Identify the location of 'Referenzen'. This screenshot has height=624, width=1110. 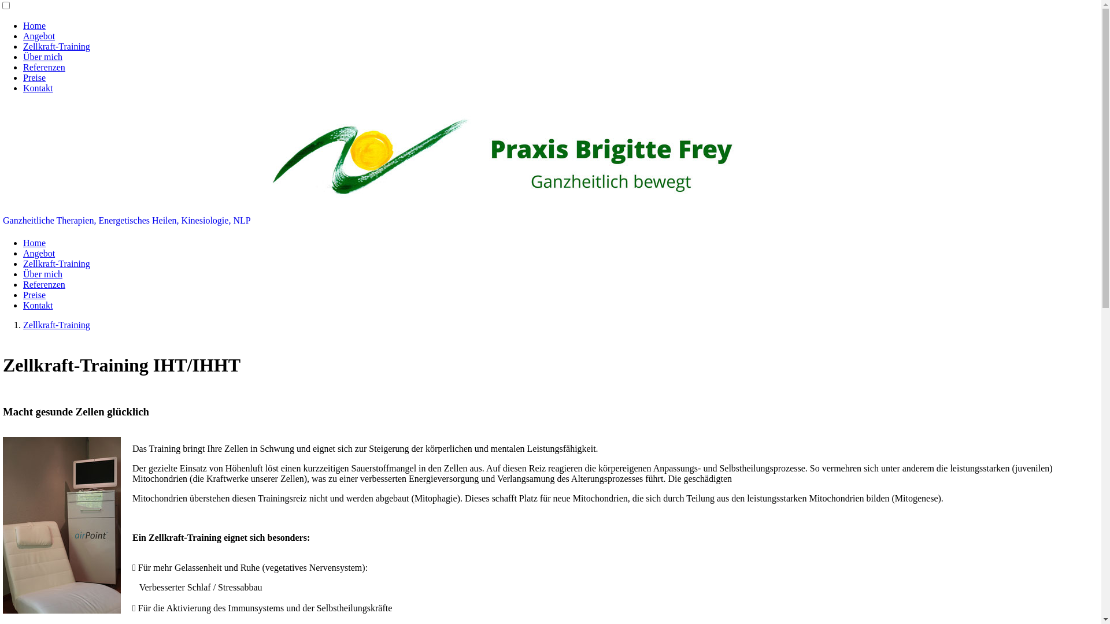
(44, 284).